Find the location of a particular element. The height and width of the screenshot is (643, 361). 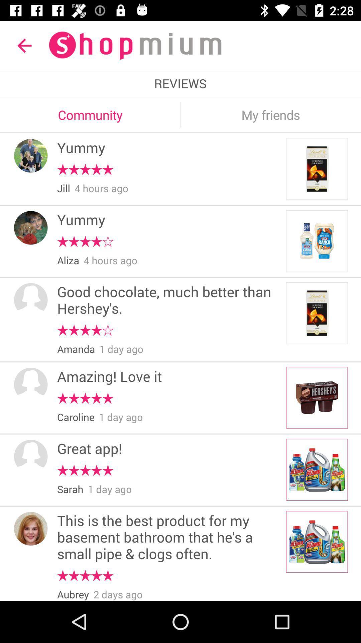

item above the good chocolate much is located at coordinates (68, 260).